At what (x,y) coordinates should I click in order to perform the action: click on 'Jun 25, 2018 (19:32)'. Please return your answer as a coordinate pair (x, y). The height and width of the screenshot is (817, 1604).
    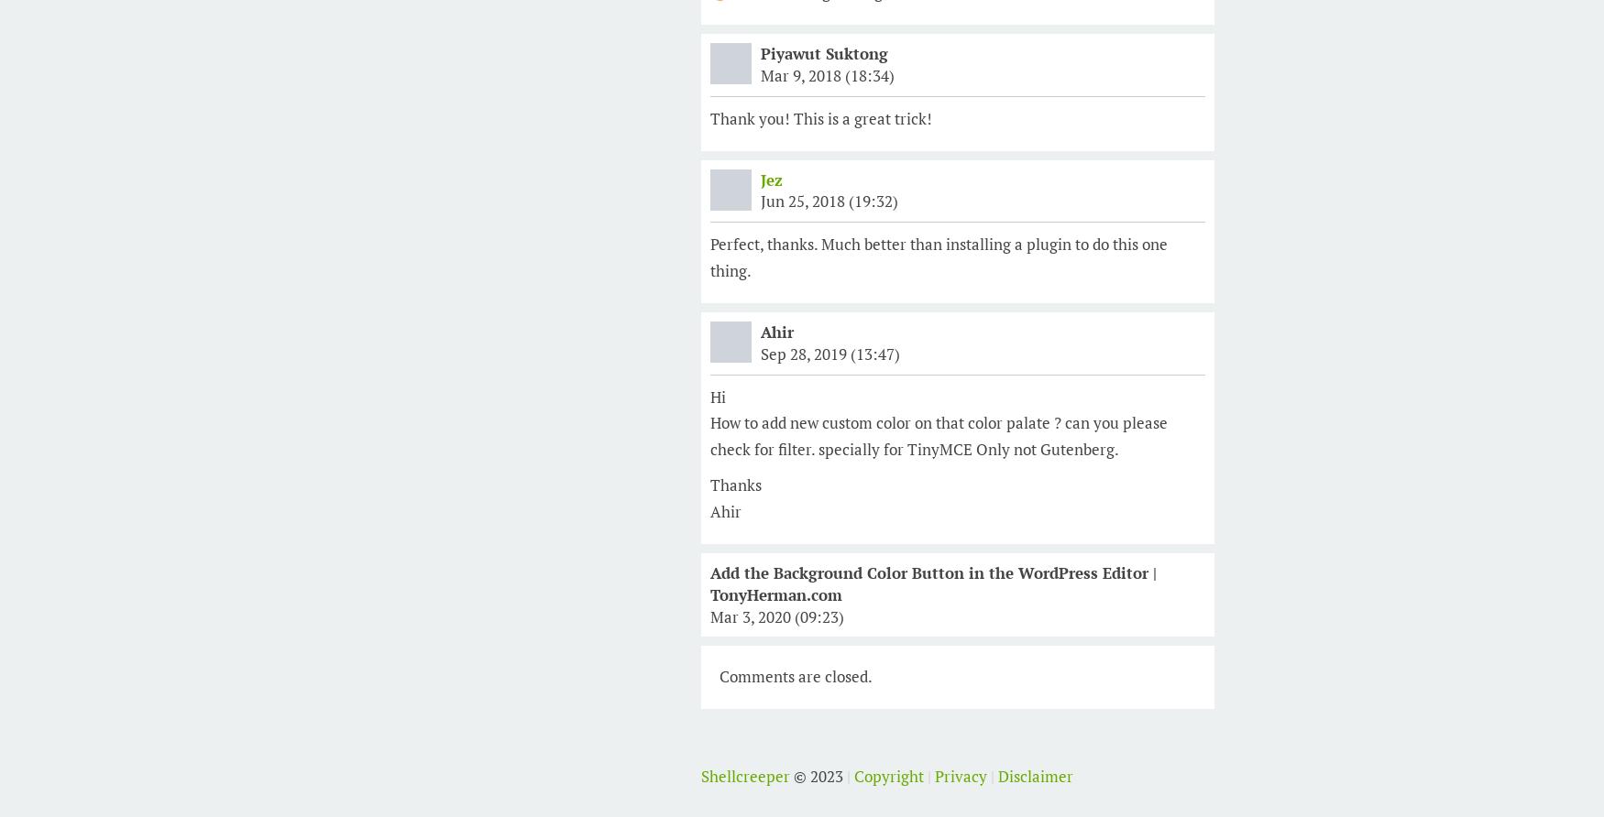
    Looking at the image, I should click on (761, 200).